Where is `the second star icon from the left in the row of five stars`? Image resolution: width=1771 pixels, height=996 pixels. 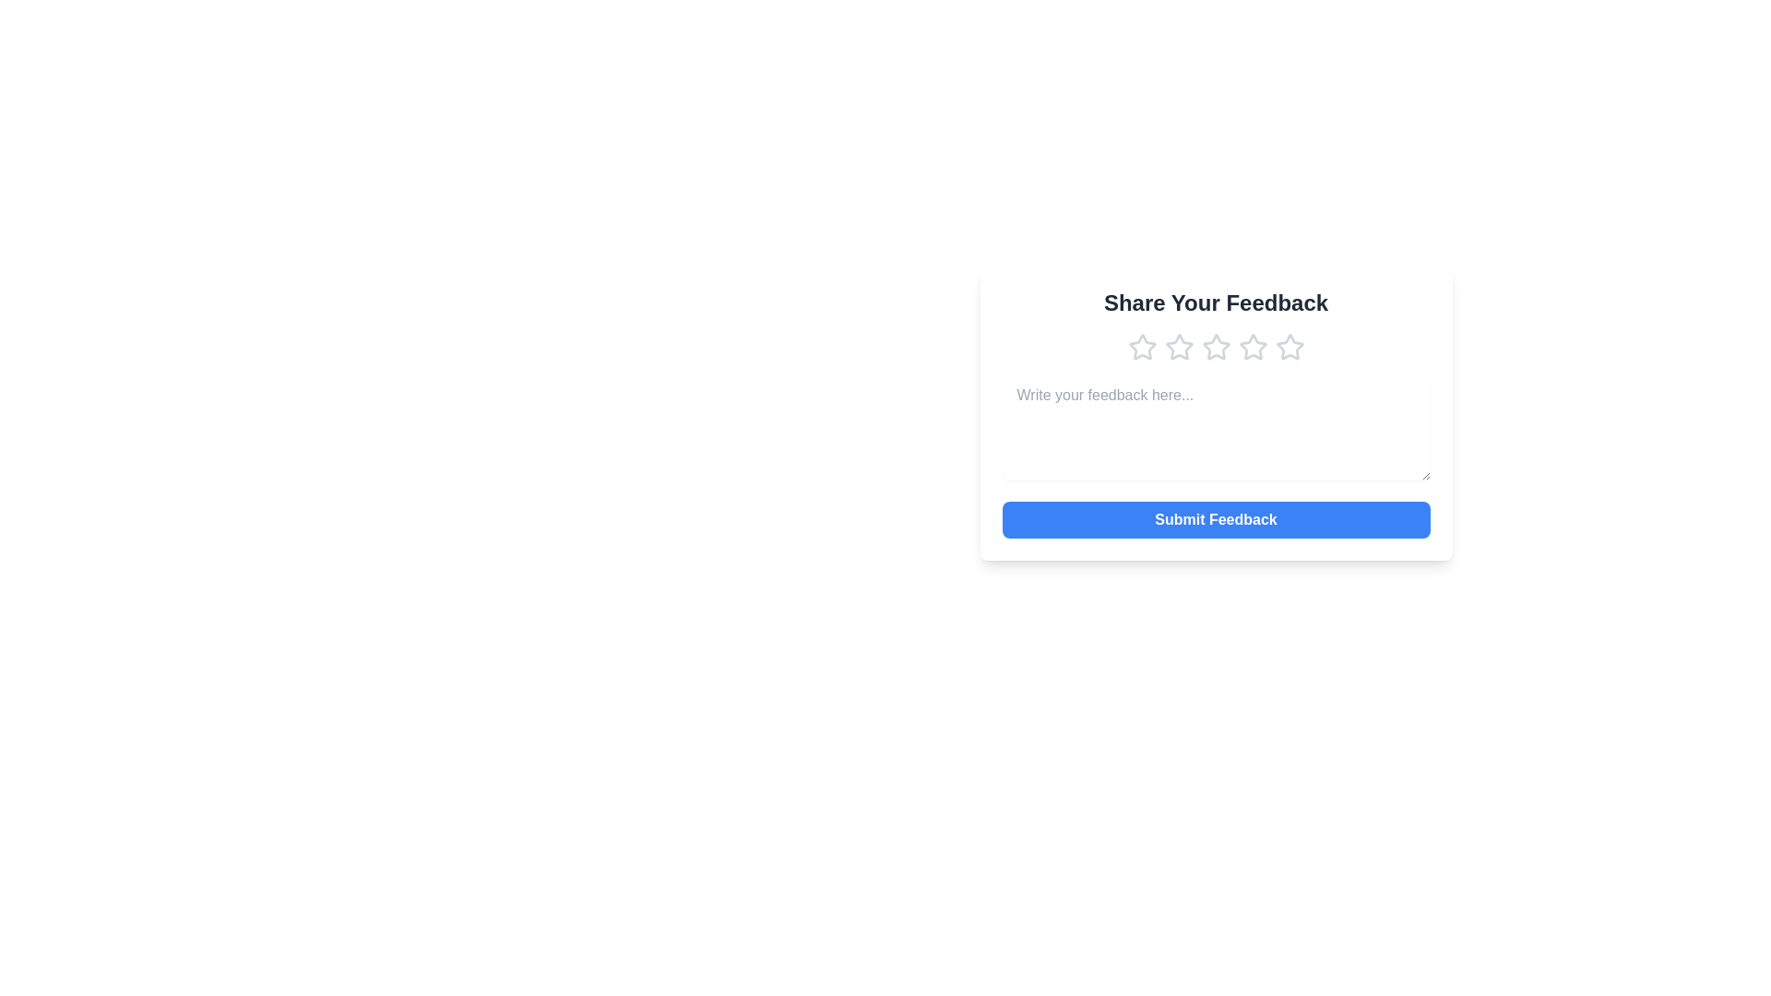 the second star icon from the left in the row of five stars is located at coordinates (1178, 348).